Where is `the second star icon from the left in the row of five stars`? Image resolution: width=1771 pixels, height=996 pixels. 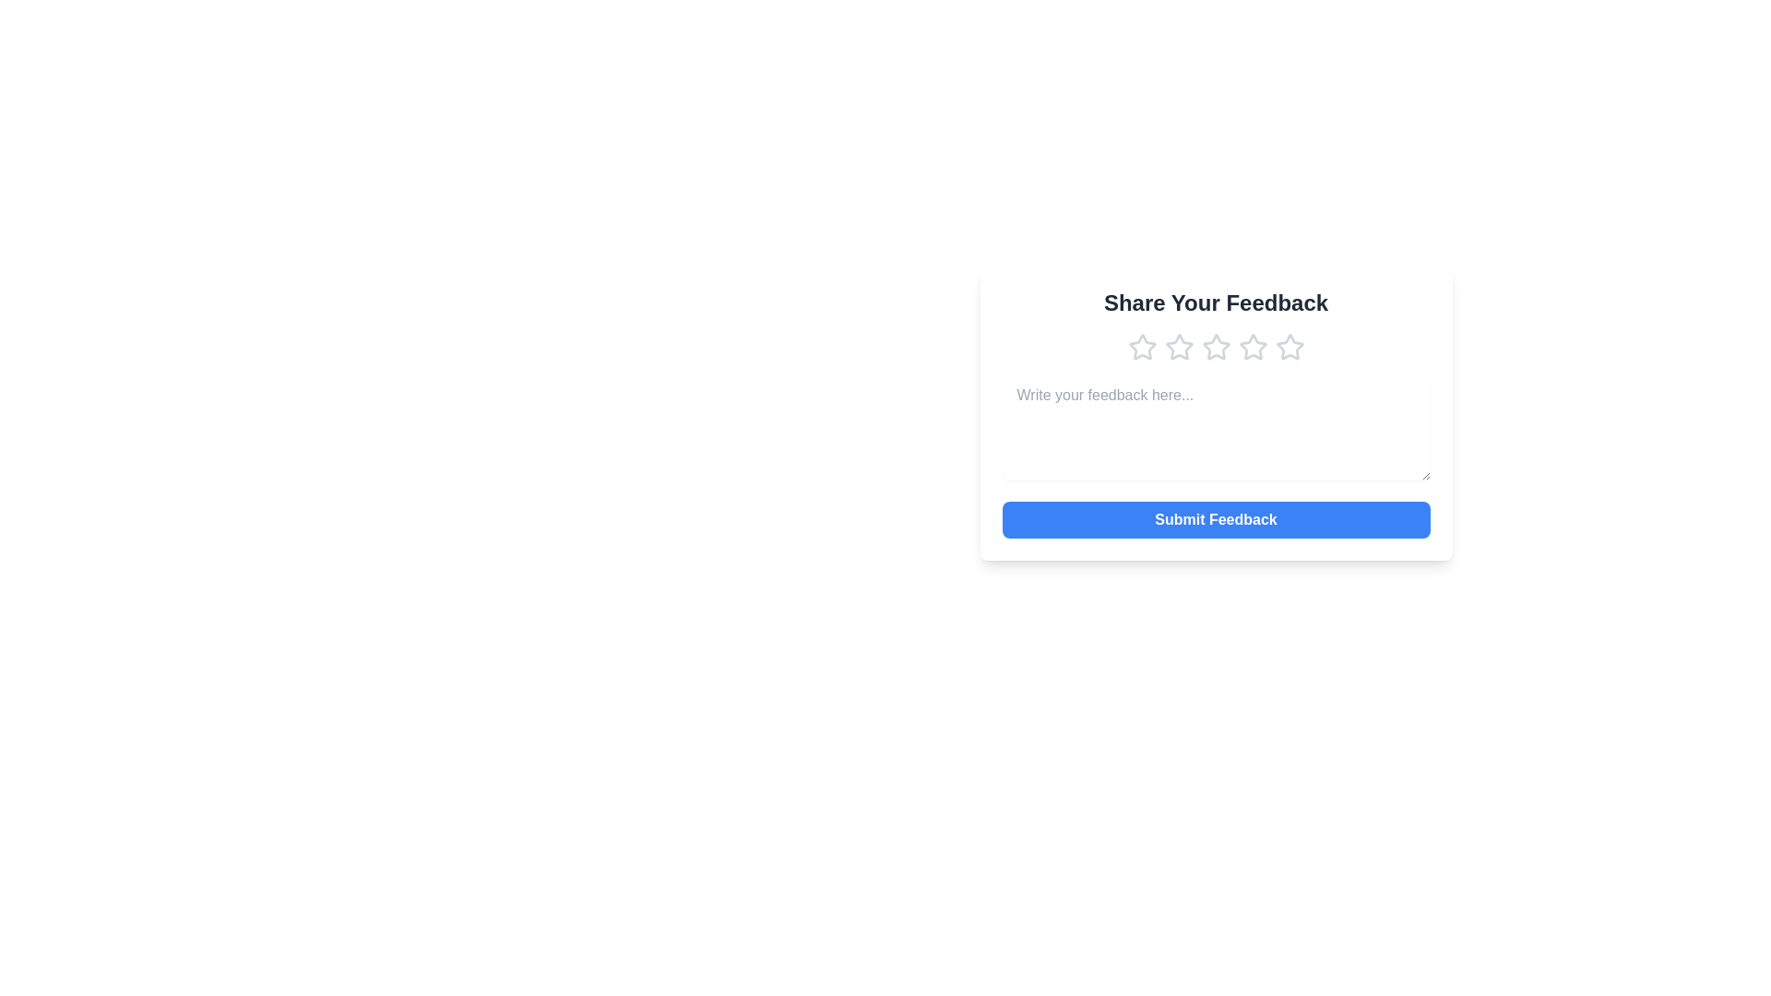 the second star icon from the left in the row of five stars is located at coordinates (1178, 348).